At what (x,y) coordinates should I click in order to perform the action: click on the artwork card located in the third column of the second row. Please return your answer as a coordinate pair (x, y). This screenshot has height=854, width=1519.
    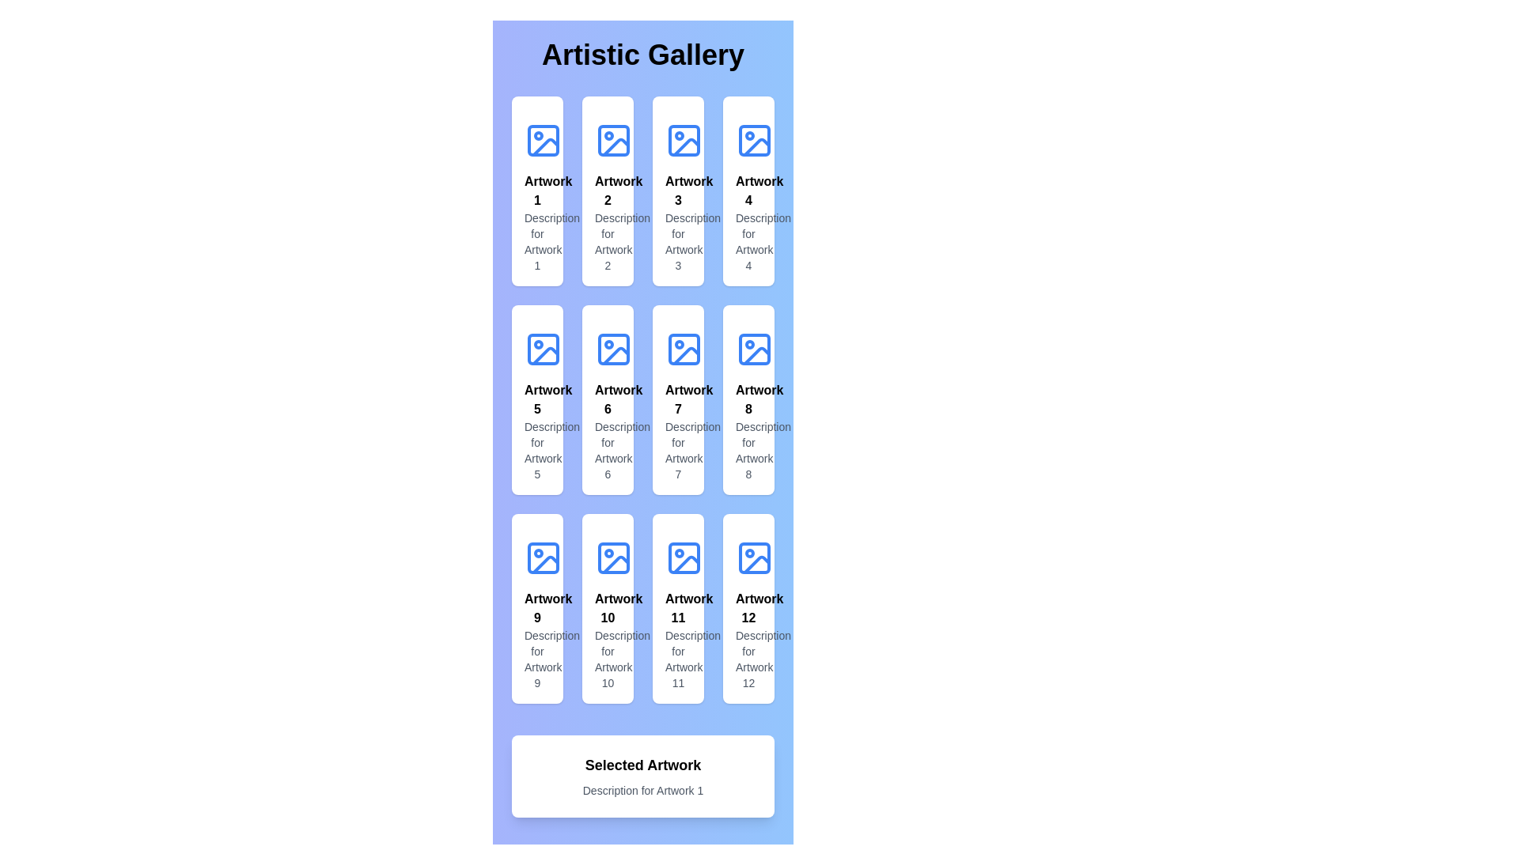
    Looking at the image, I should click on (678, 399).